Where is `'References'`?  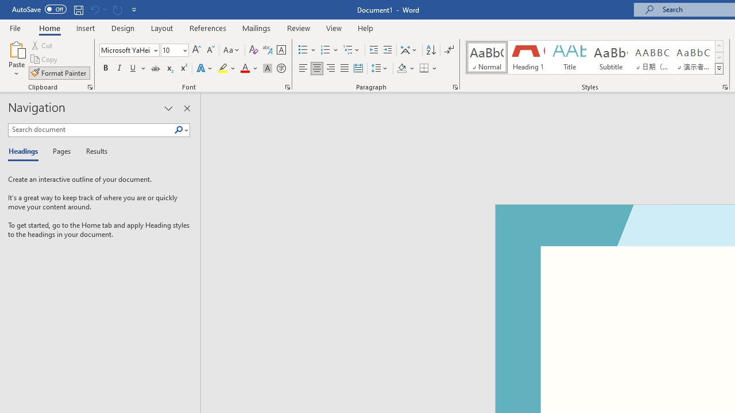
'References' is located at coordinates (208, 28).